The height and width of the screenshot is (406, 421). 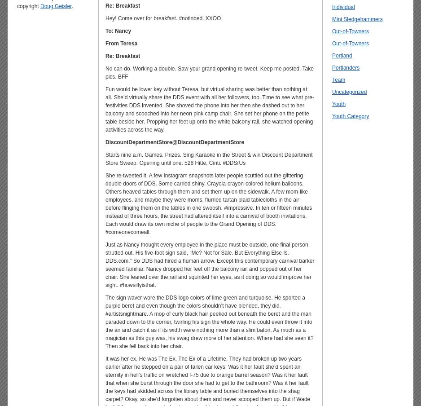 I want to click on 'Doug Geisler', so click(x=55, y=6).